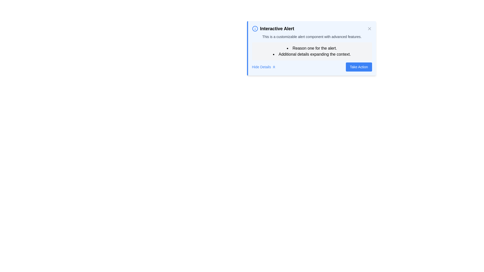 This screenshot has width=484, height=272. I want to click on the 'Interactive Alert' text label, which is bold and larger than surrounding text, positioned centrally below an info icon in the alert box, so click(277, 29).